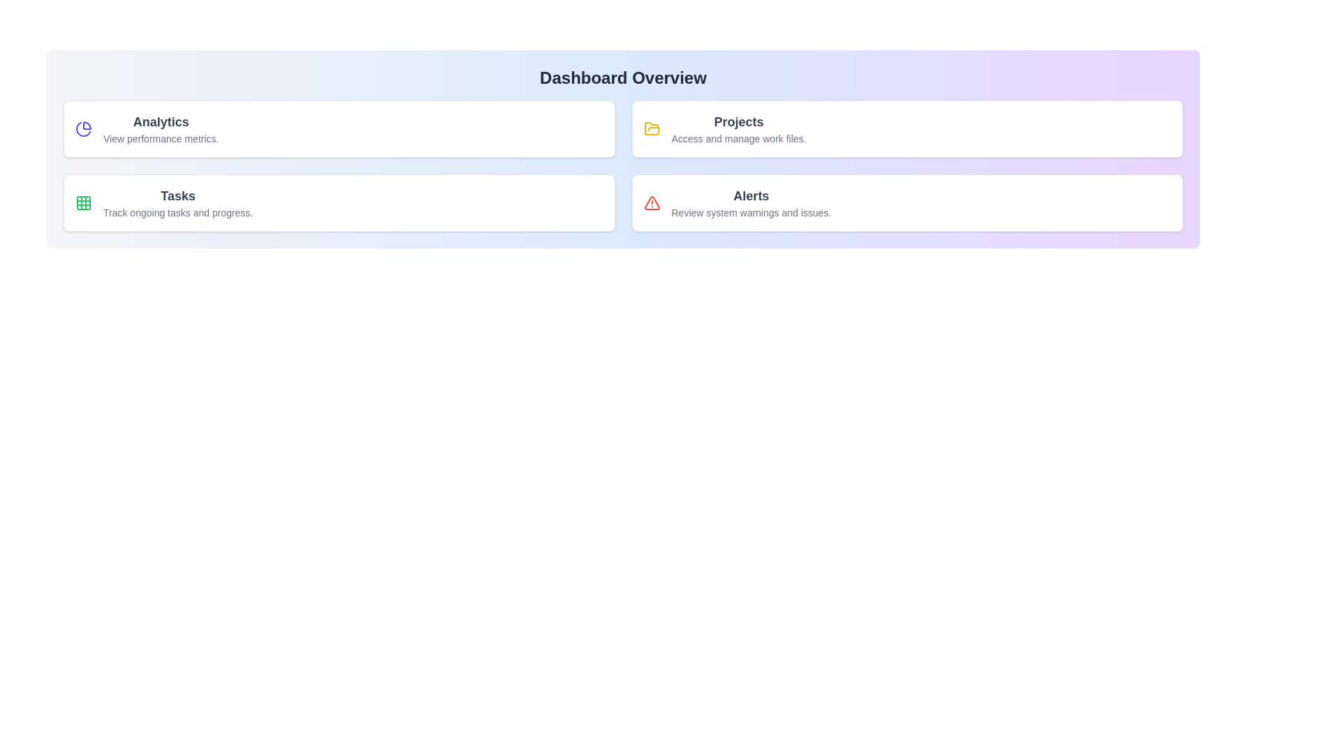  Describe the element at coordinates (907, 202) in the screenshot. I see `the menu item corresponding to Alerts to navigate to the respective section` at that location.